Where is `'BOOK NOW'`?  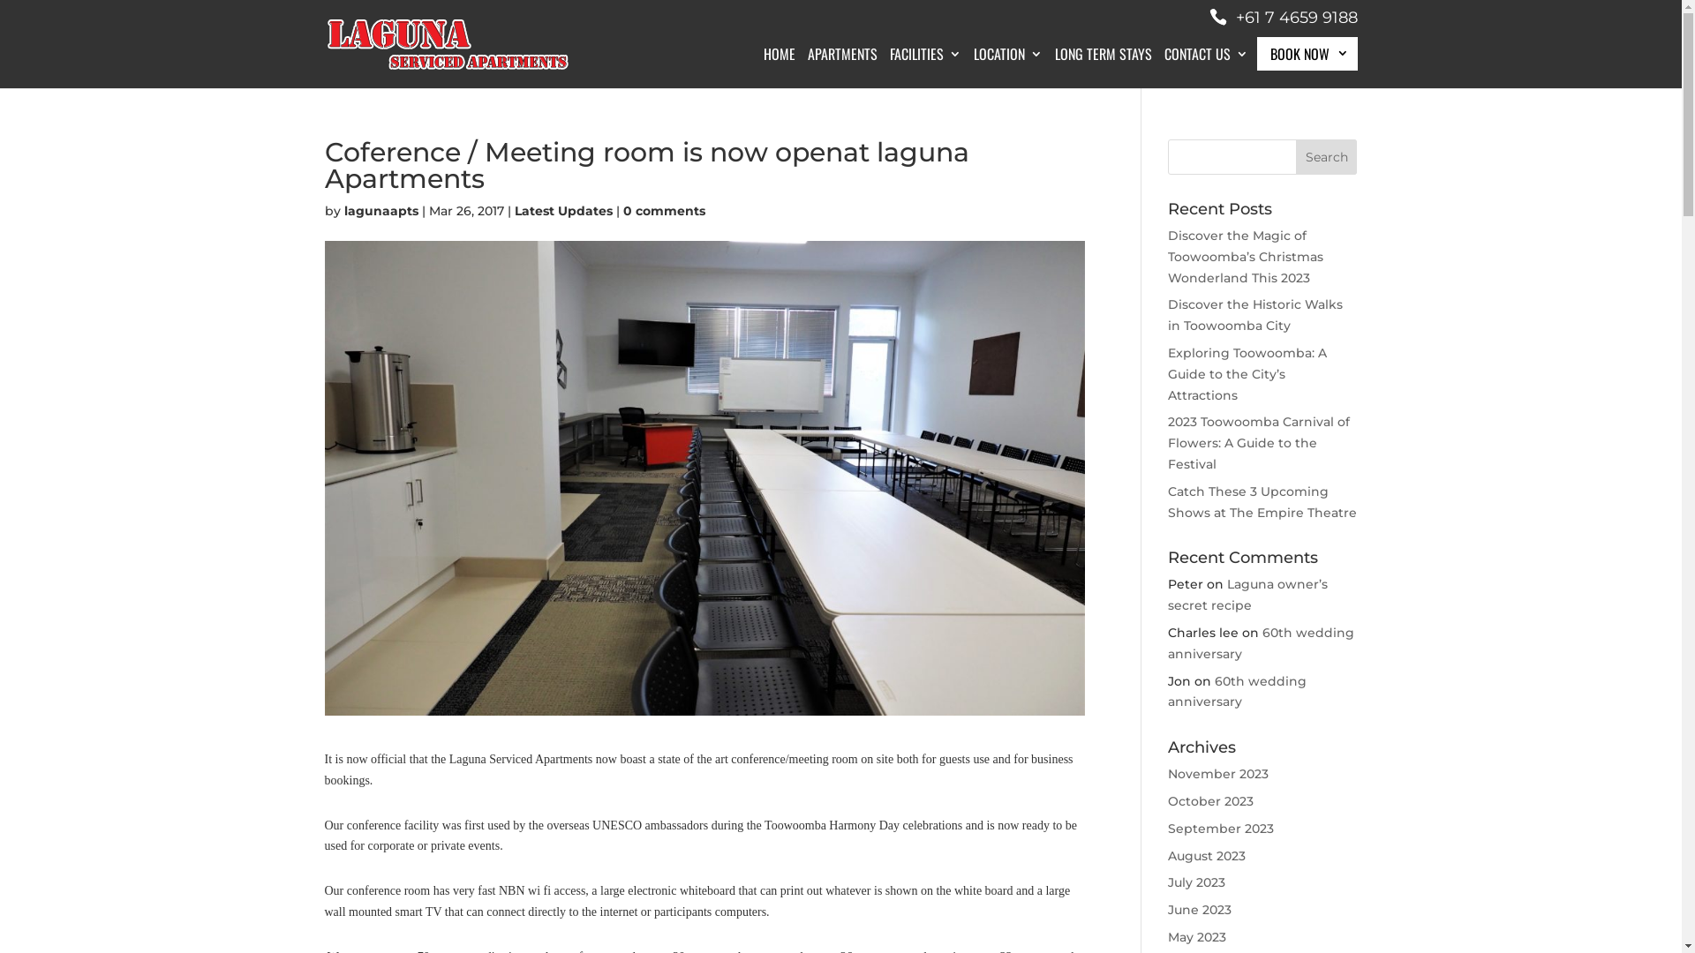
'BOOK NOW' is located at coordinates (1307, 53).